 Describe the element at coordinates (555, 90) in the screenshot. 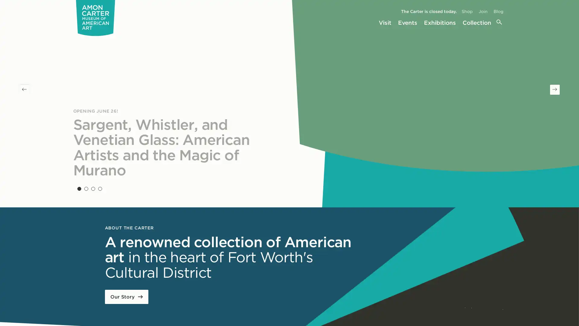

I see `Next` at that location.